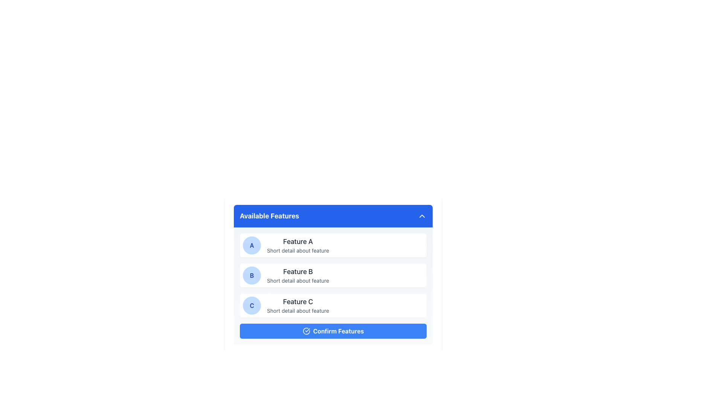 The width and height of the screenshot is (723, 406). What do you see at coordinates (252, 275) in the screenshot?
I see `the circular badge or icon that visually distinguishes the list item labeled 'Feature B' in the 'Available Features' panel` at bounding box center [252, 275].